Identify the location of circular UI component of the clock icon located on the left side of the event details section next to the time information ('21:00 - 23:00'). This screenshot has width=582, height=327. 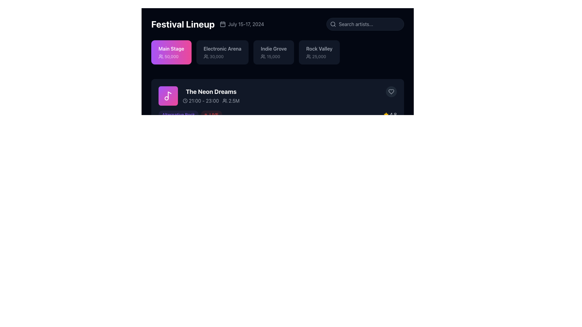
(185, 100).